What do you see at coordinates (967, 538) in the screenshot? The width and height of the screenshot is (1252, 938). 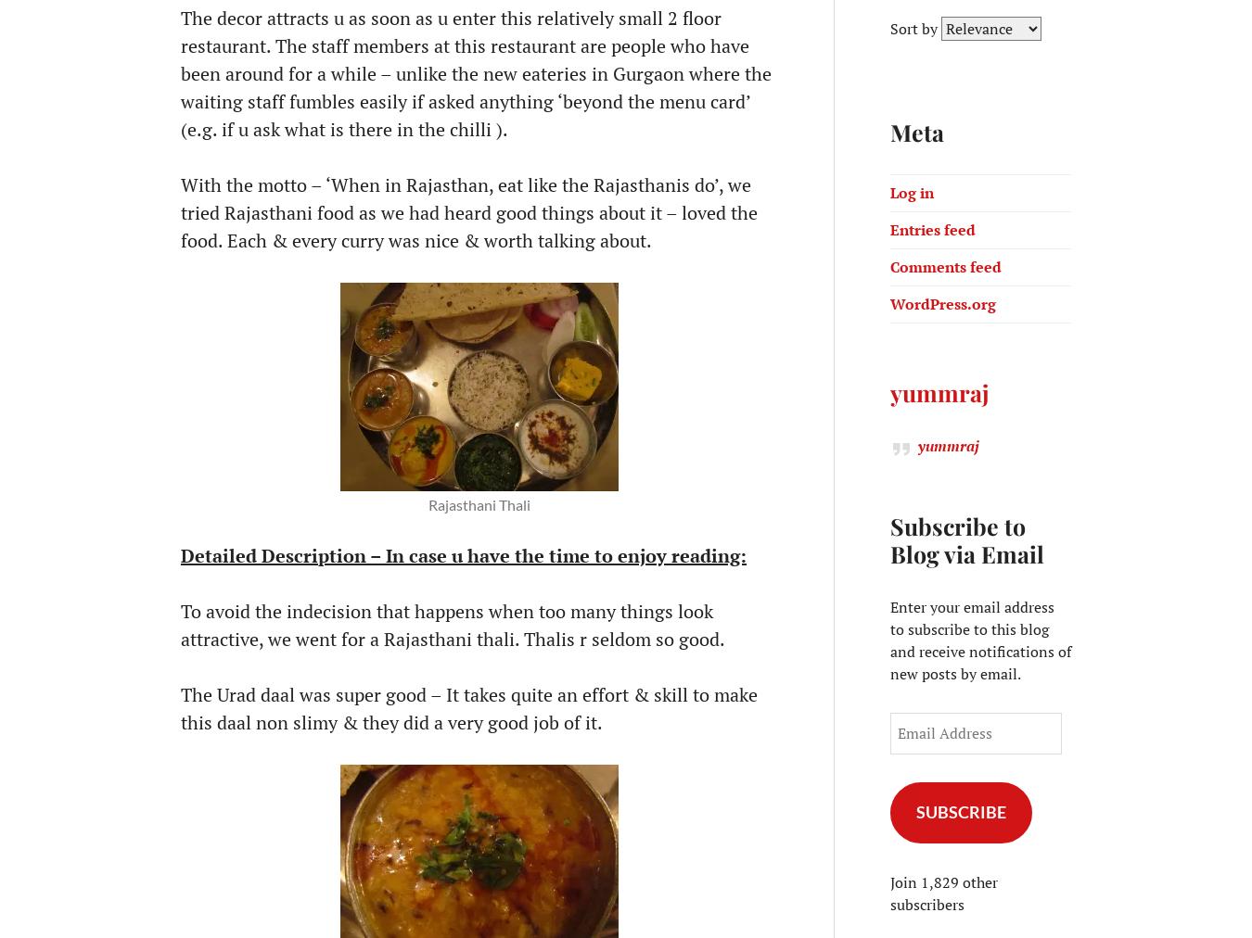 I see `'Subscribe to Blog via Email'` at bounding box center [967, 538].